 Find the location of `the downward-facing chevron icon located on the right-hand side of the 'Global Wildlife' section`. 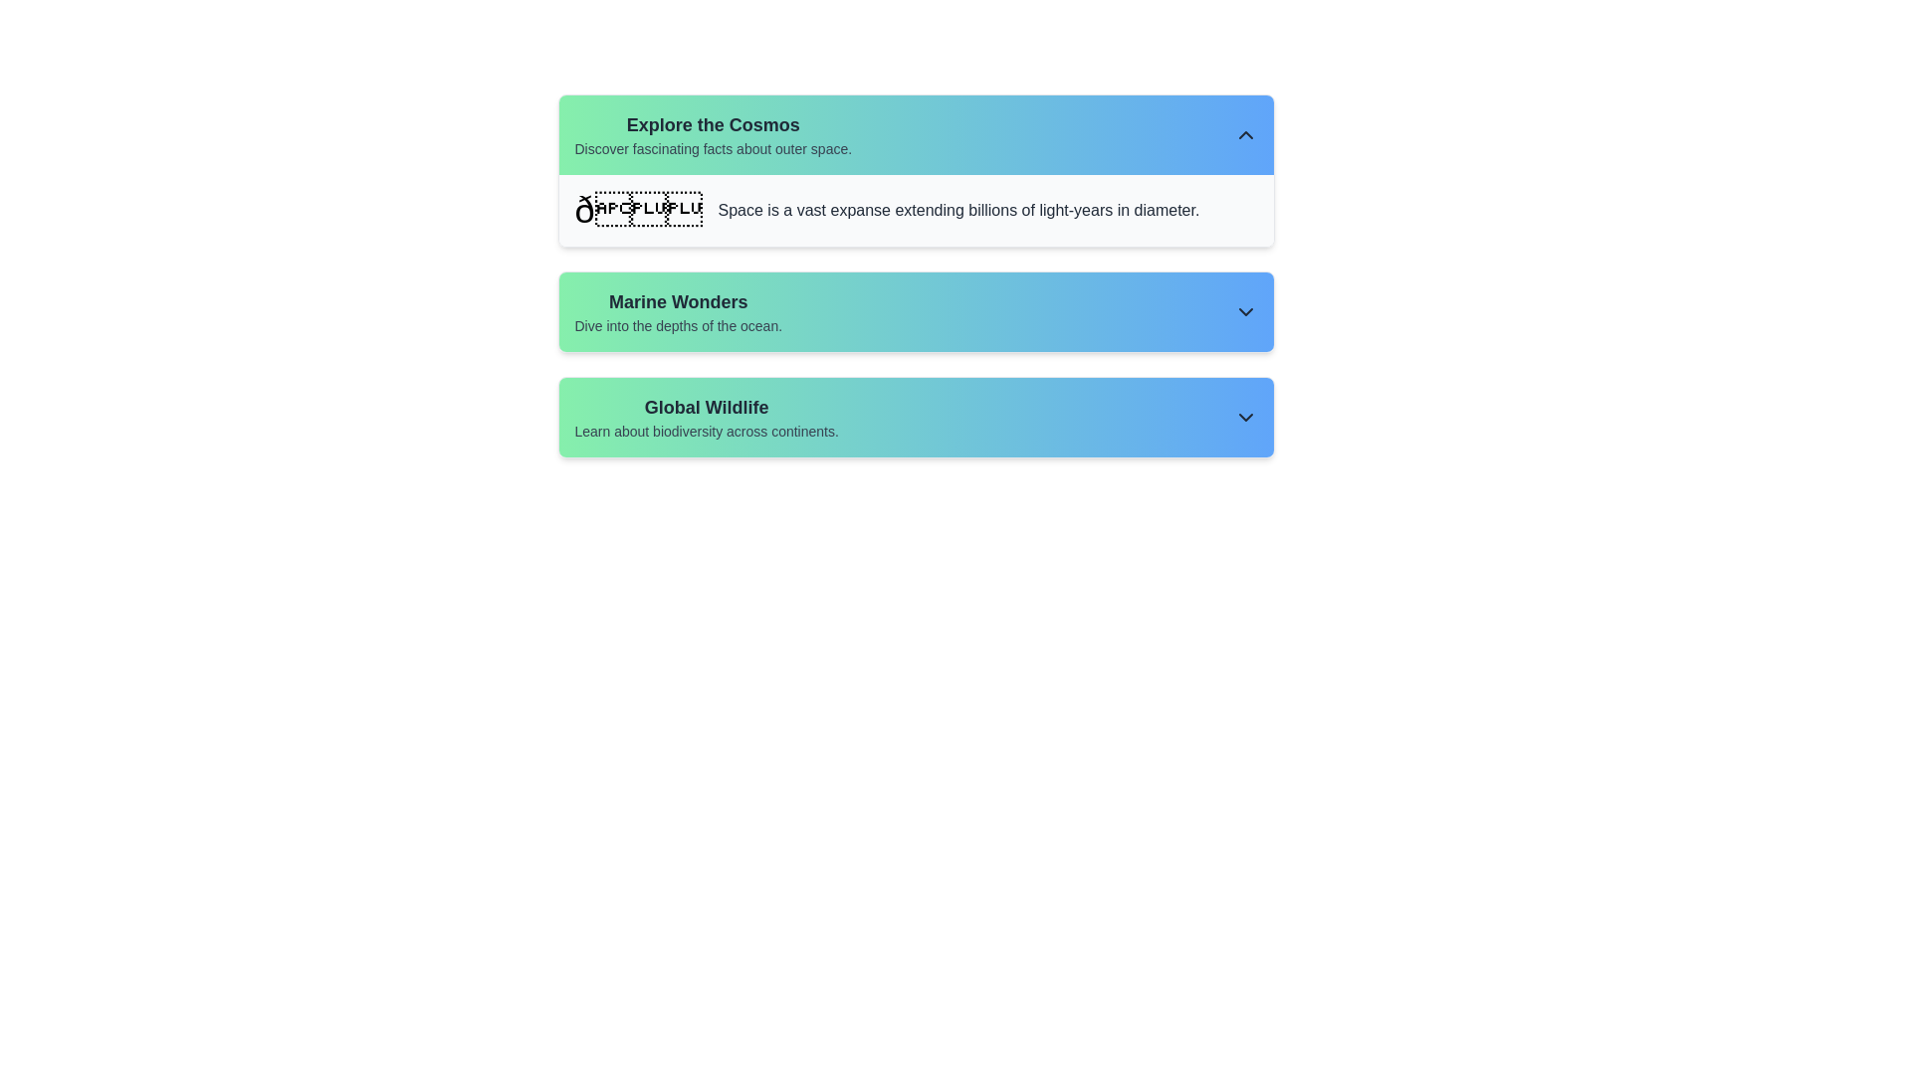

the downward-facing chevron icon located on the right-hand side of the 'Global Wildlife' section is located at coordinates (1244, 417).